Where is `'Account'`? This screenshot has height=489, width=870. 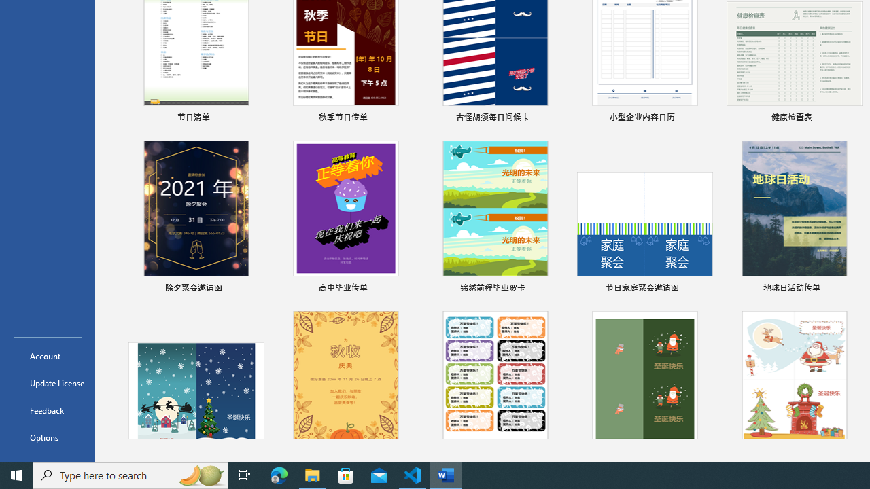 'Account' is located at coordinates (47, 355).